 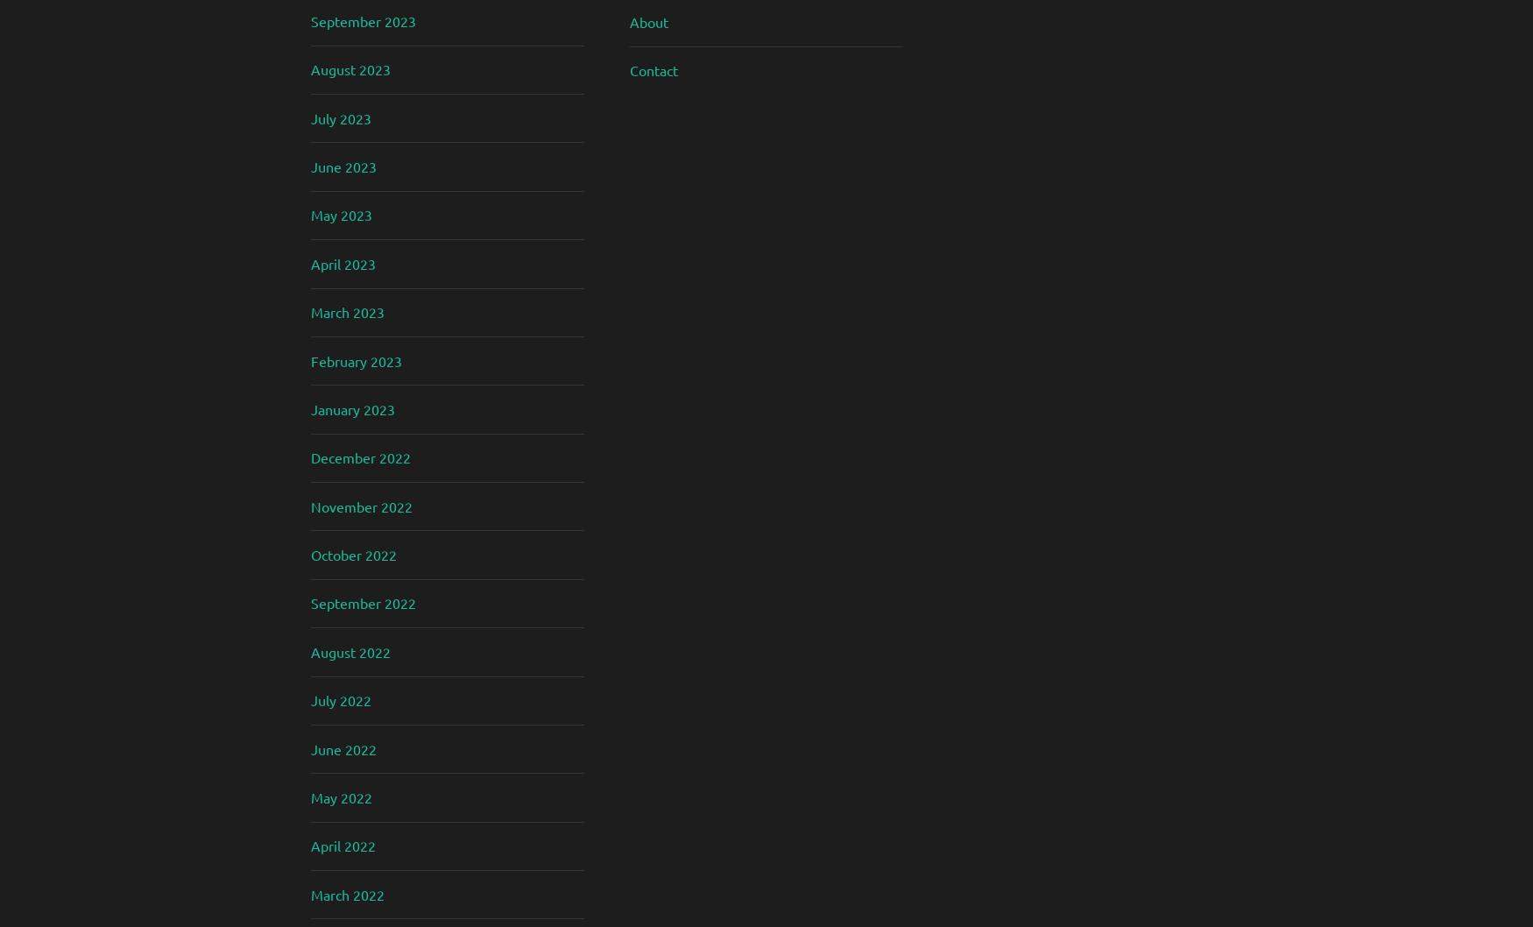 I want to click on 'September 2023', so click(x=362, y=19).